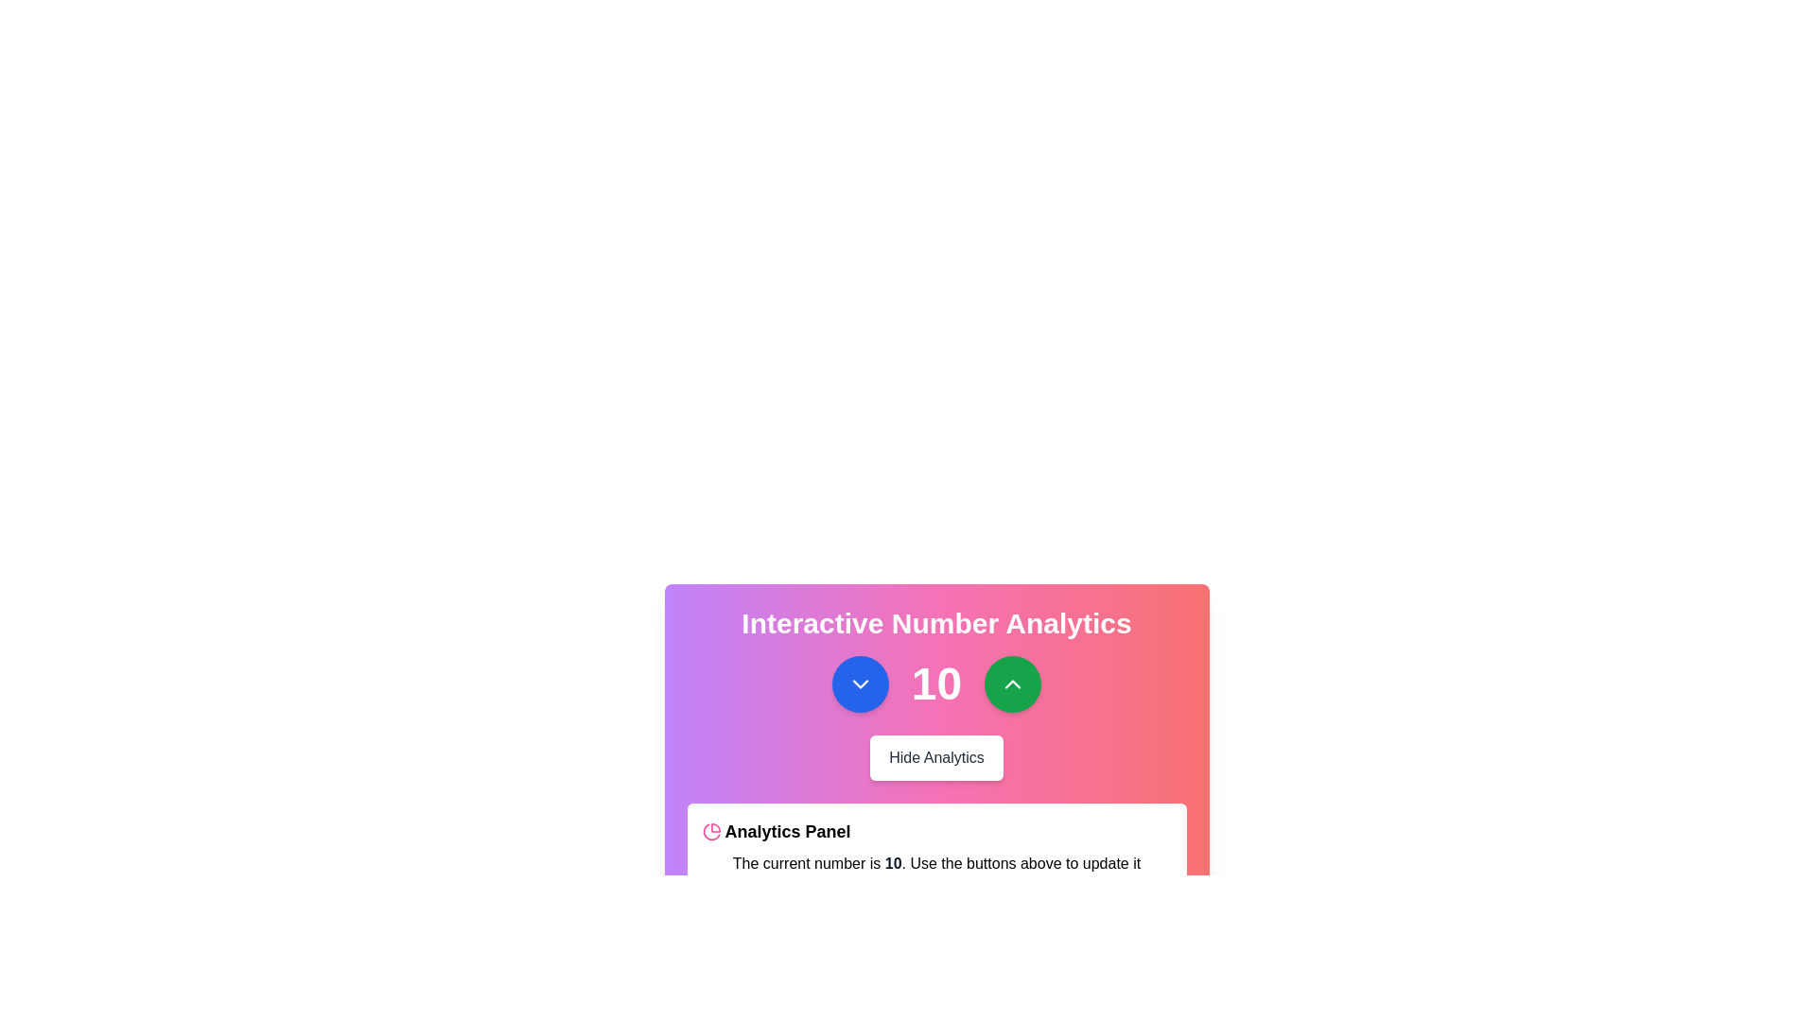  I want to click on the central numeric display of the Composite Interactive Element, so click(936, 684).